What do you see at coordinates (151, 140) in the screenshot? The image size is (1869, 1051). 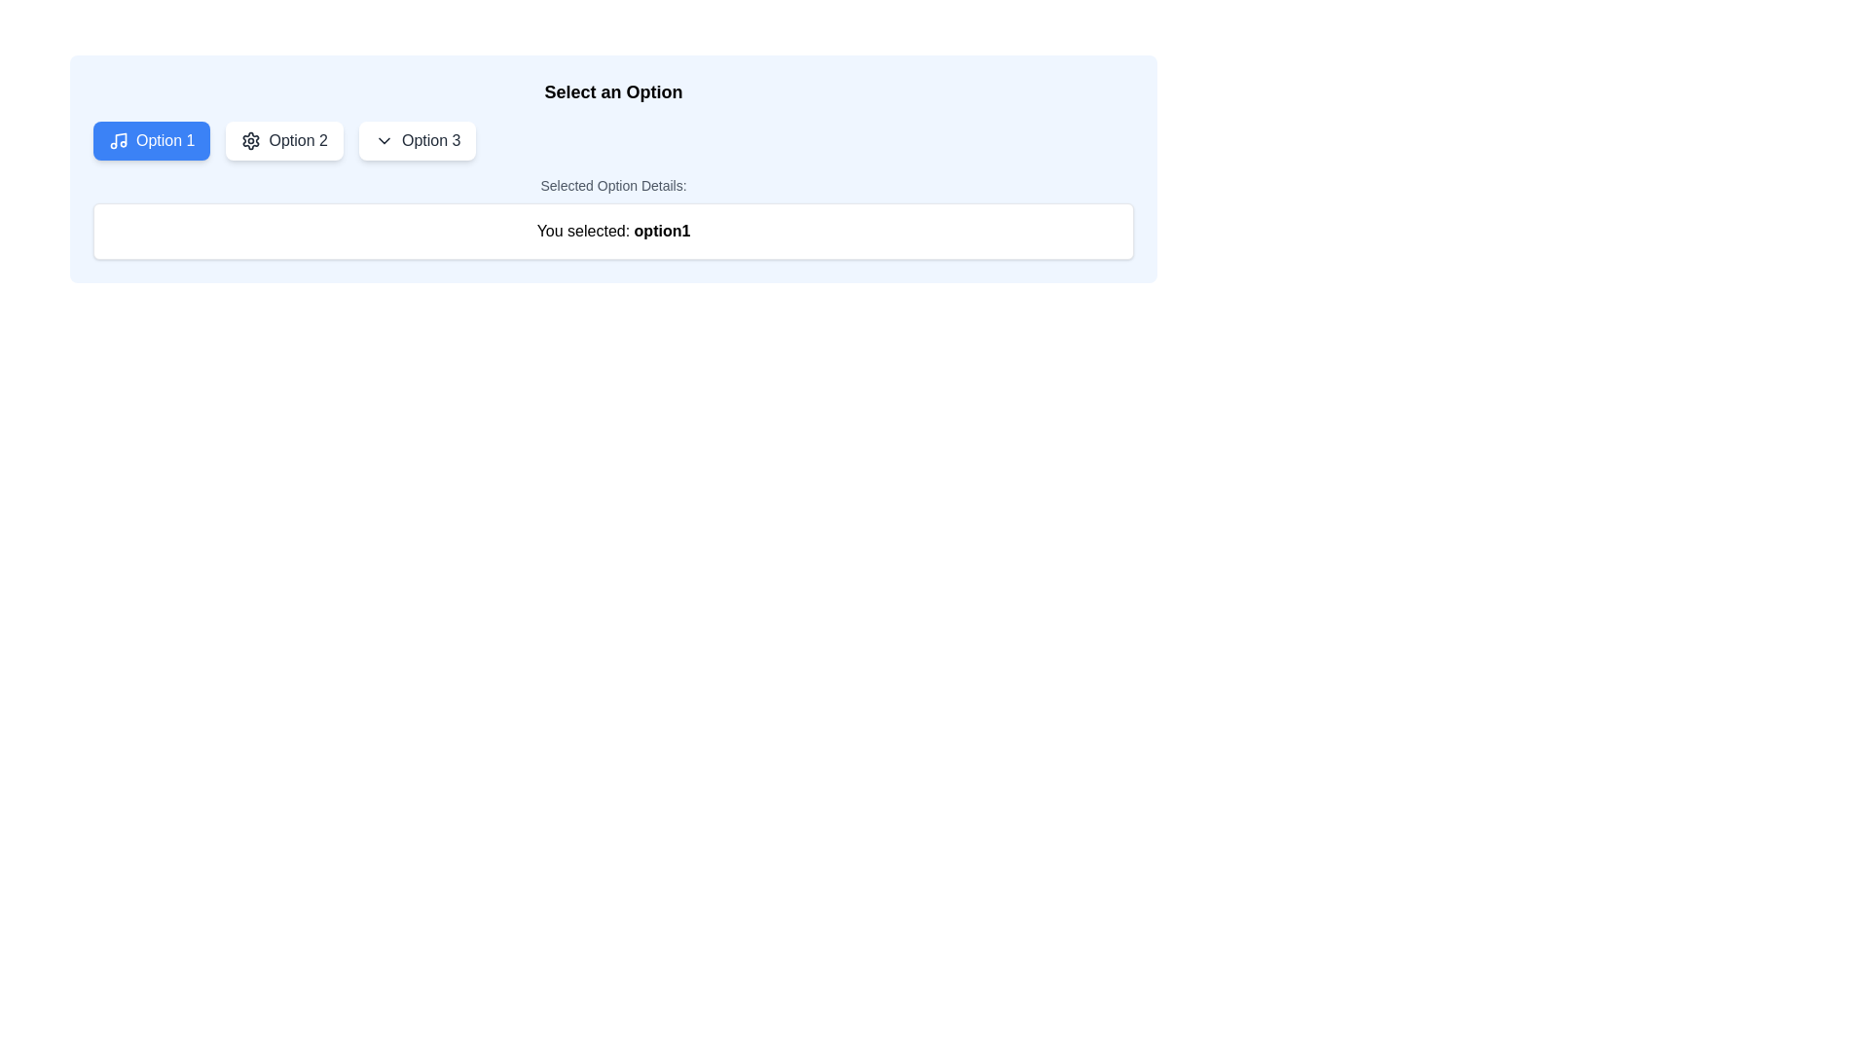 I see `the 'Option 1' button, which is a rectangular button with rounded corners, blue background, and white text, located in the top-left of a group of three buttons` at bounding box center [151, 140].